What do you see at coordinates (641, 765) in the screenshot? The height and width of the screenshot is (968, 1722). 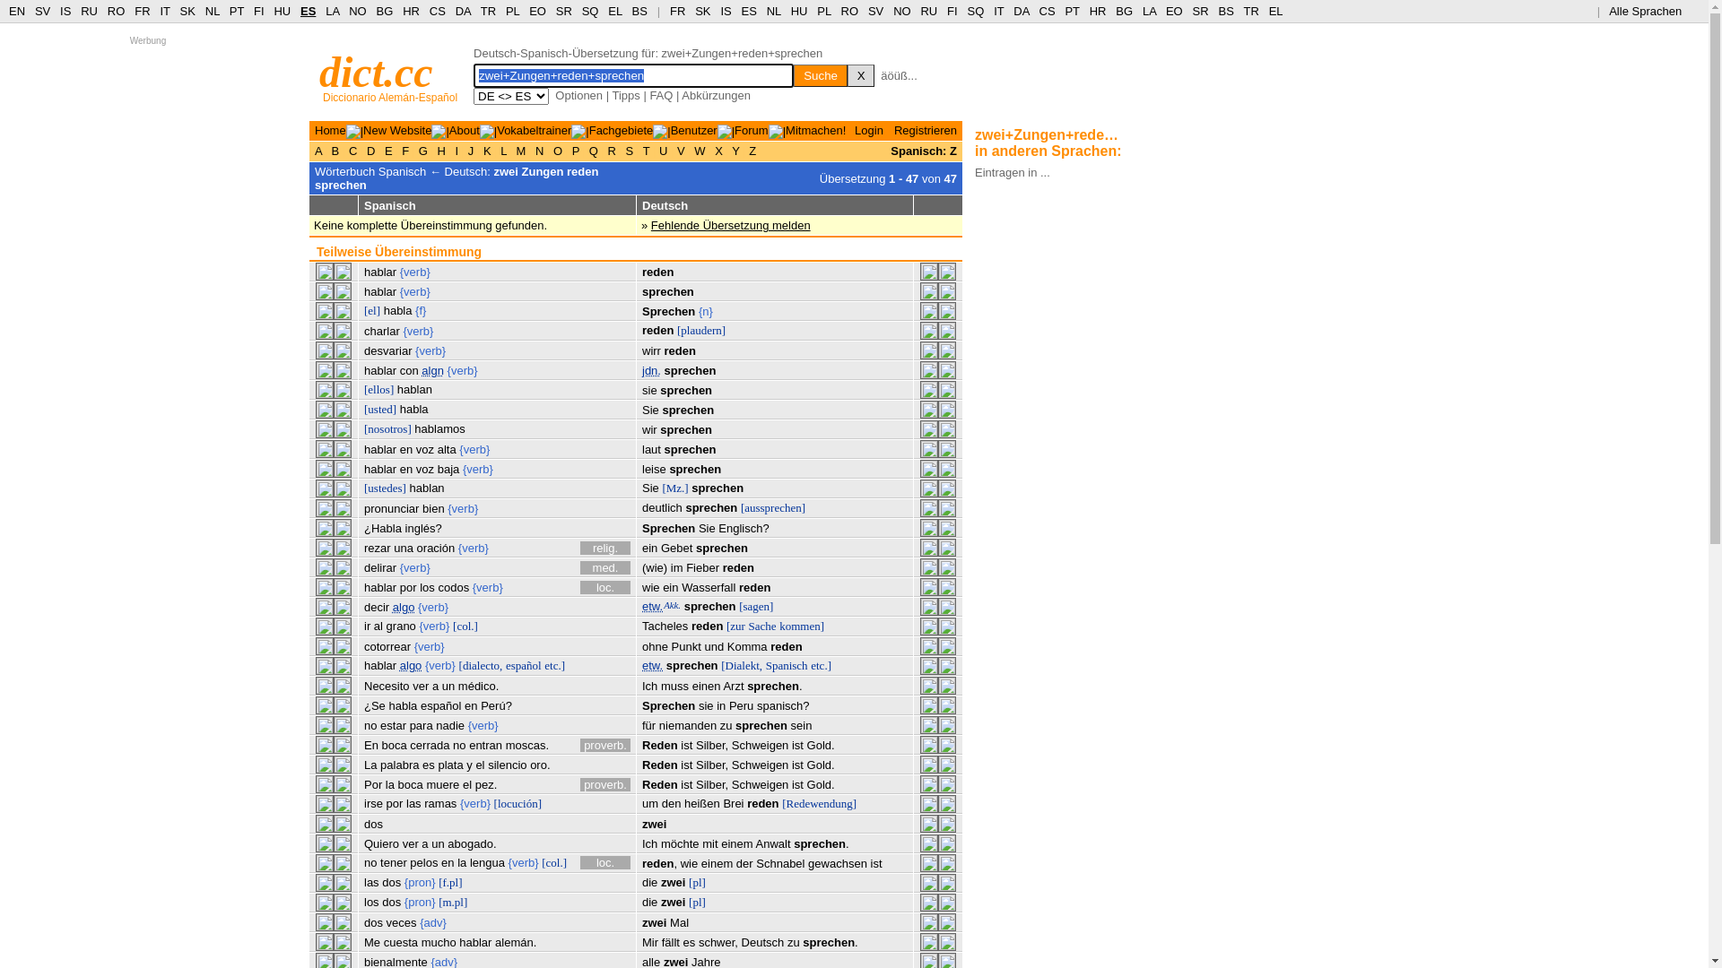 I see `'Reden'` at bounding box center [641, 765].